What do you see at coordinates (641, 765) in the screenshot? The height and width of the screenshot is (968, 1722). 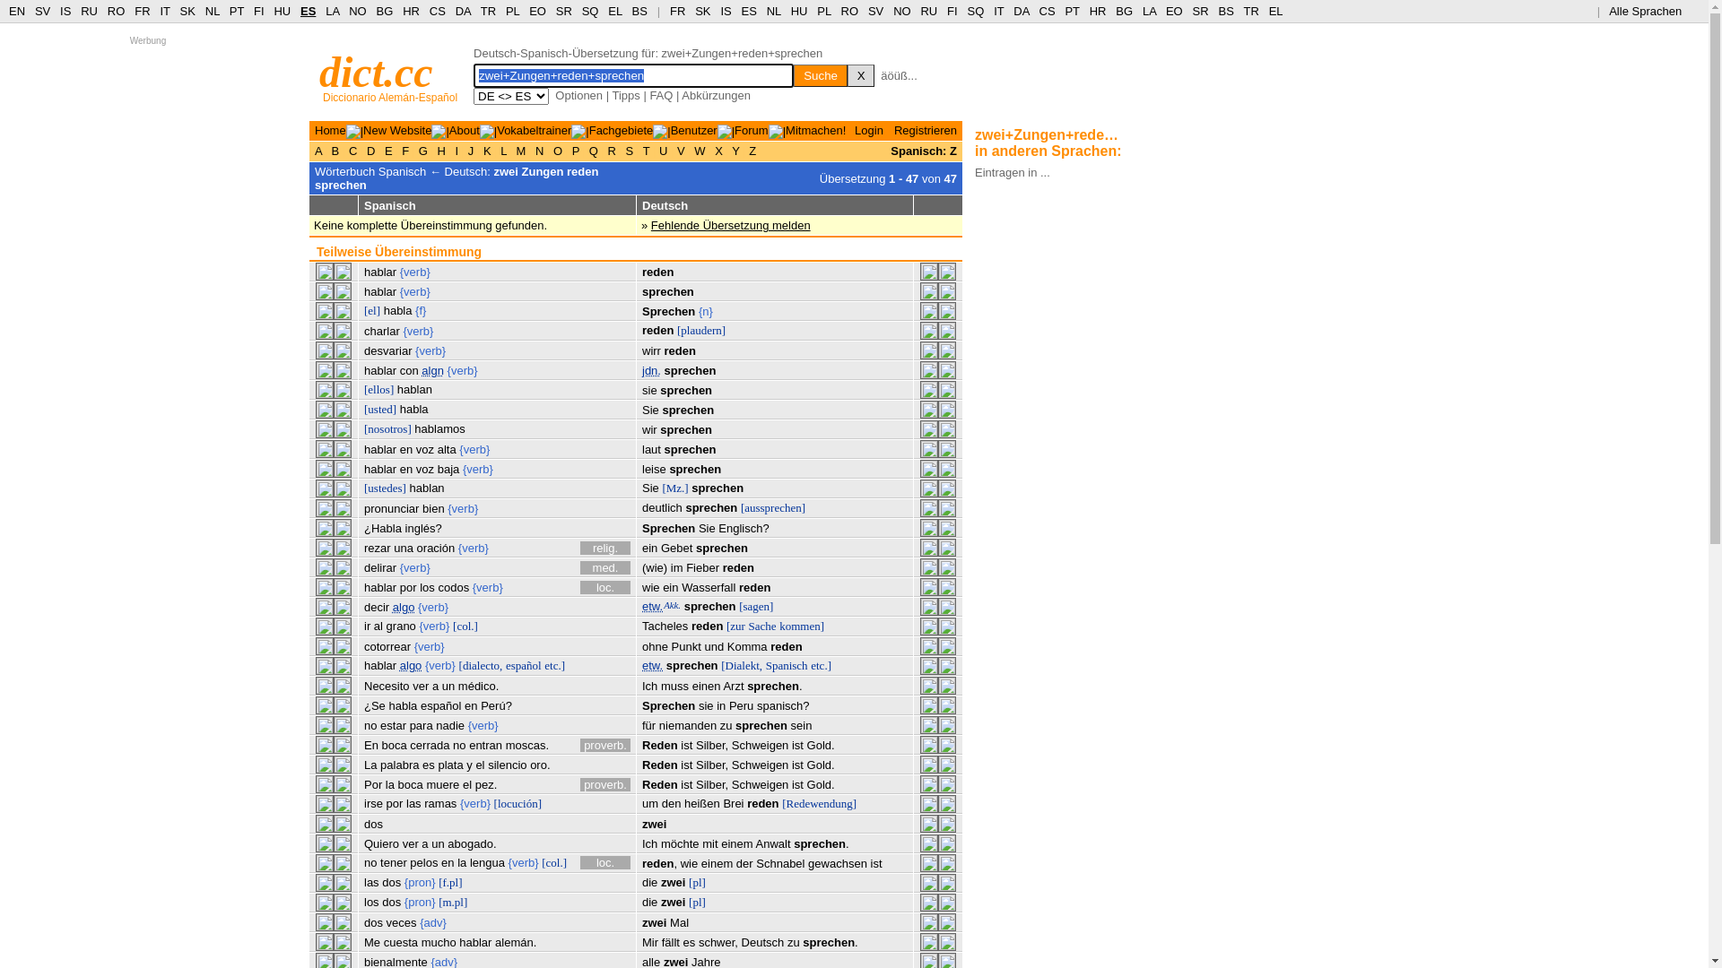 I see `'Reden'` at bounding box center [641, 765].